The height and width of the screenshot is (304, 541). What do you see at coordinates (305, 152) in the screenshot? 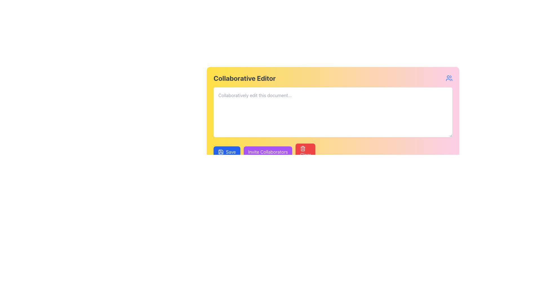
I see `the red 'Clear' button with a white trash can icon, located below the editor text area and to the right of the 'Invite Collaborators' button` at bounding box center [305, 152].